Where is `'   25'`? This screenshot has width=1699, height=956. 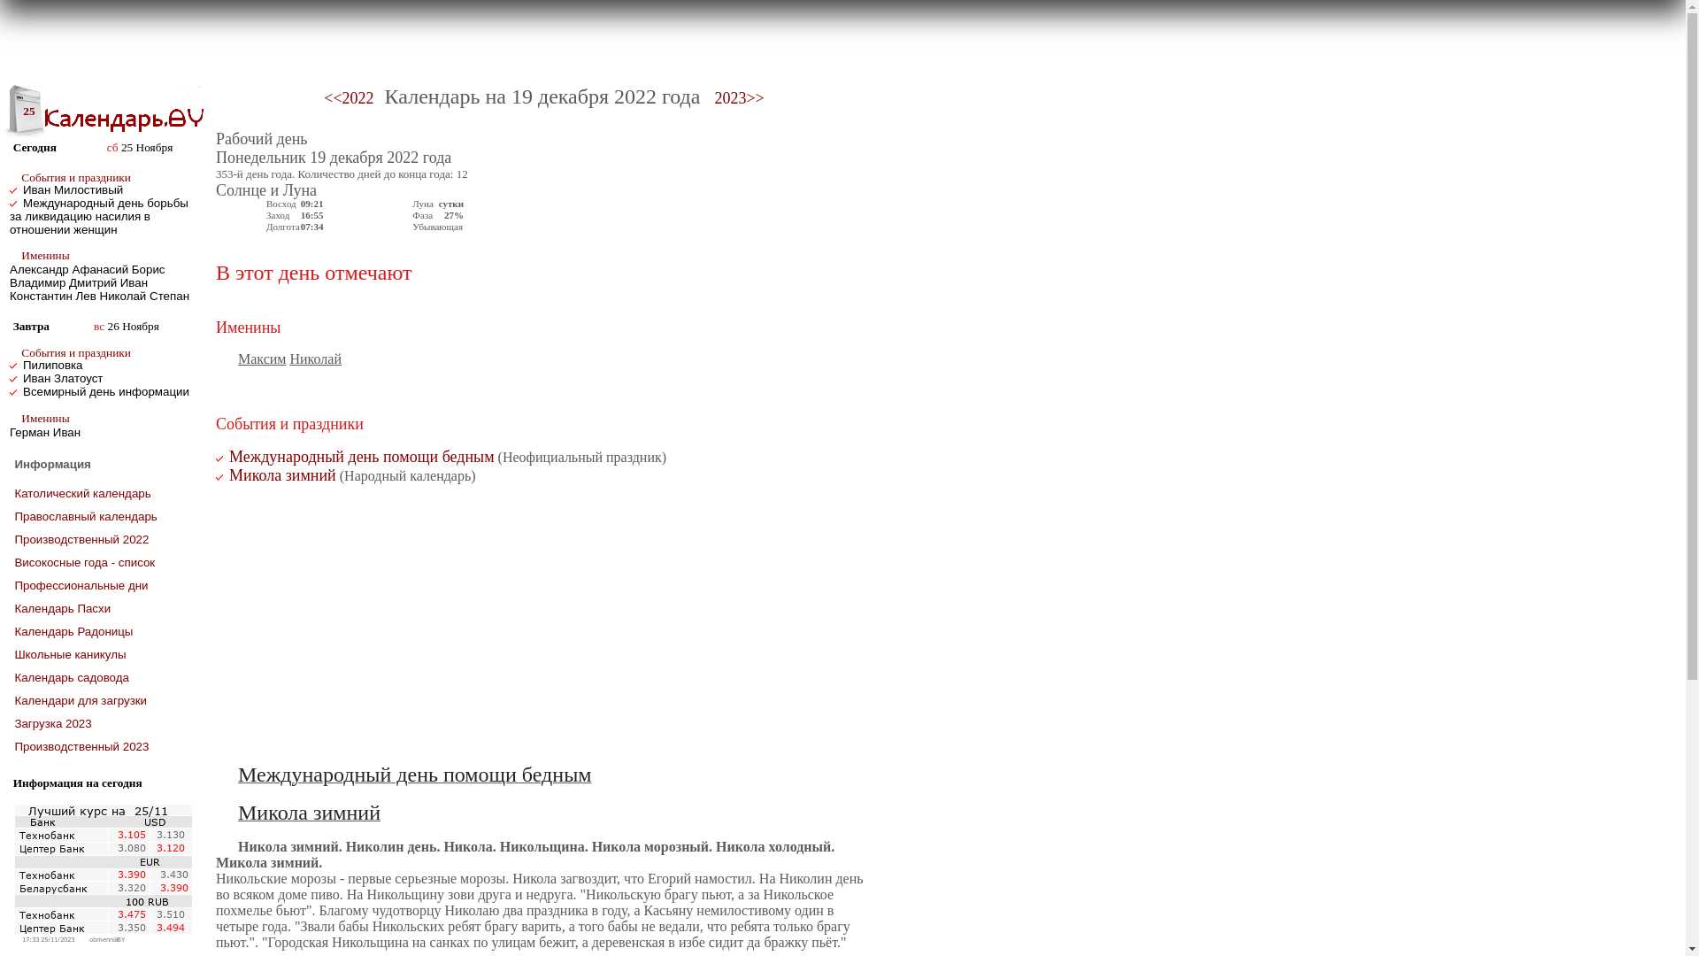 '   25' is located at coordinates (25, 112).